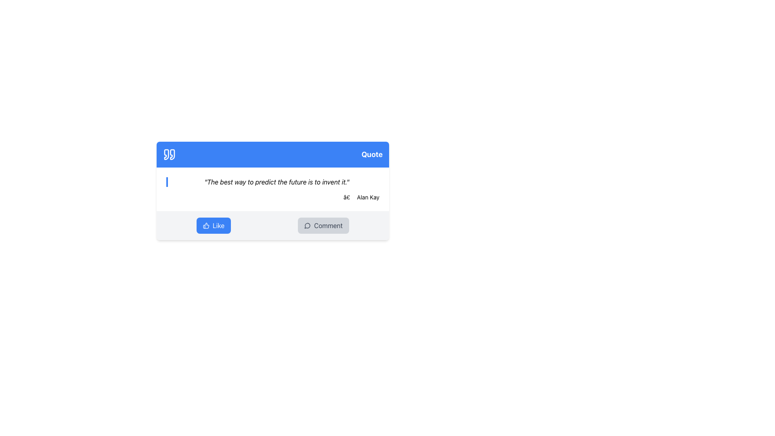  Describe the element at coordinates (166, 154) in the screenshot. I see `the blue quotation mark graphical icon located in the top-left corner of the card component, which serves as a decorative element adjacent to the quoted text` at that location.